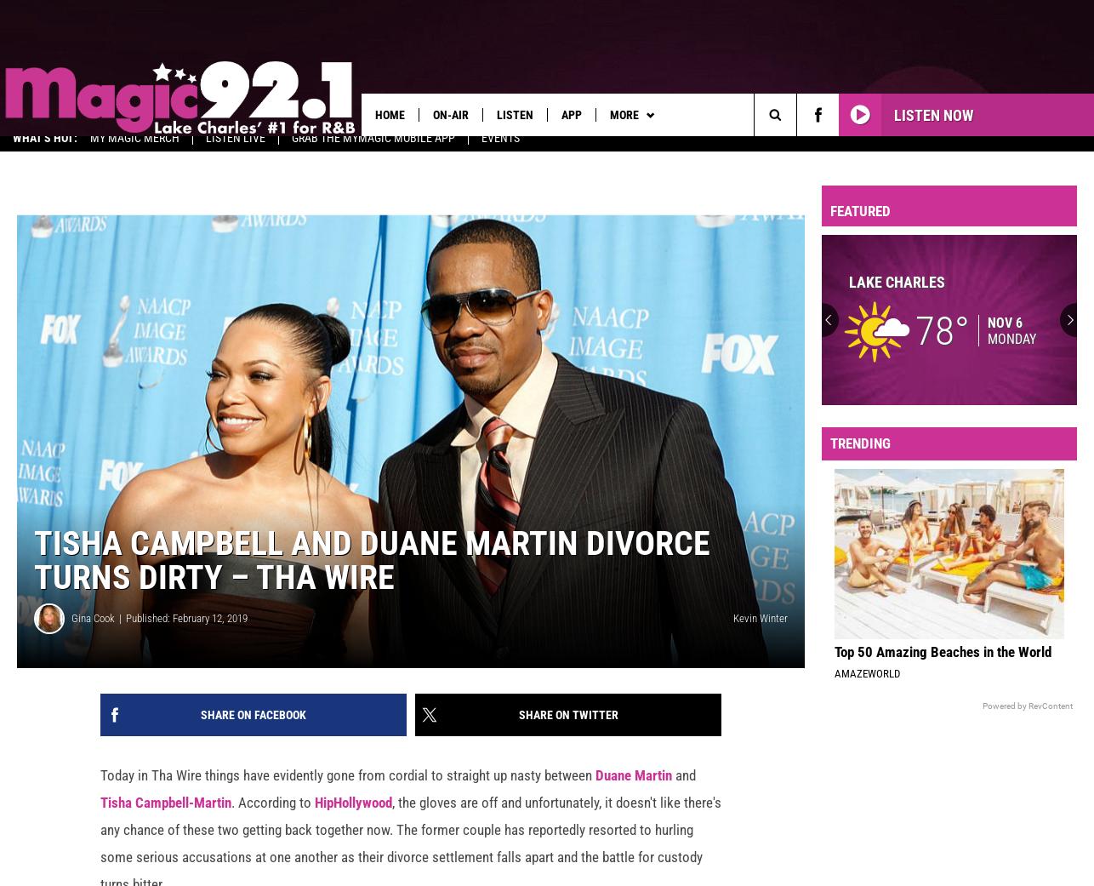 This screenshot has width=1094, height=886. Describe the element at coordinates (859, 220) in the screenshot. I see `'Featured'` at that location.